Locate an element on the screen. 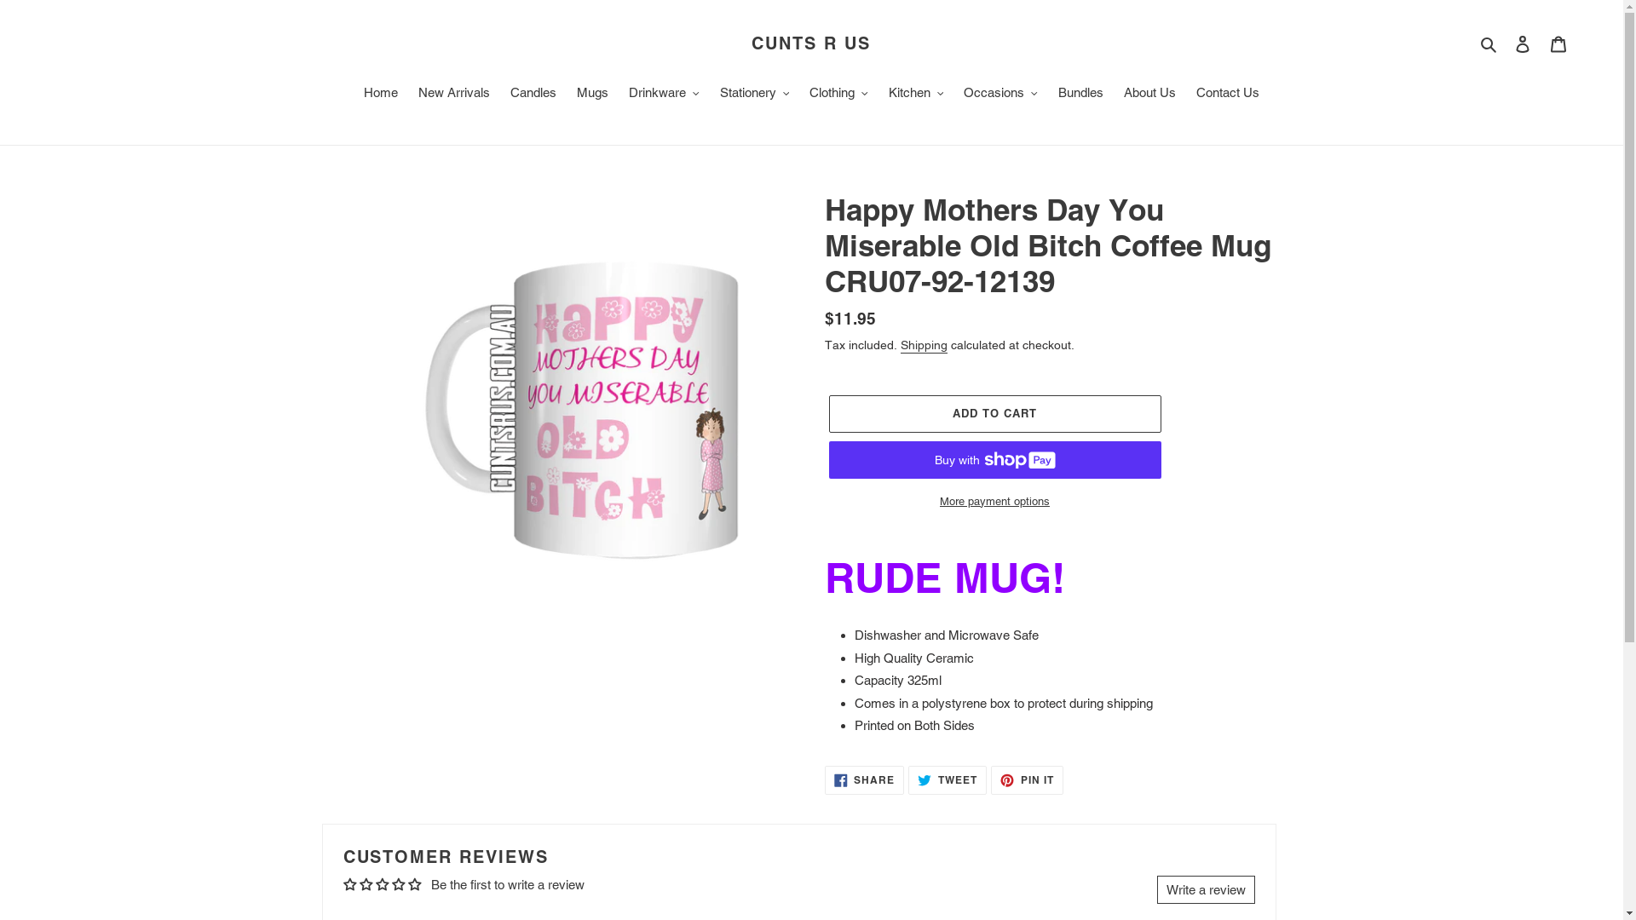 The height and width of the screenshot is (920, 1636). 'Clothing' is located at coordinates (838, 95).